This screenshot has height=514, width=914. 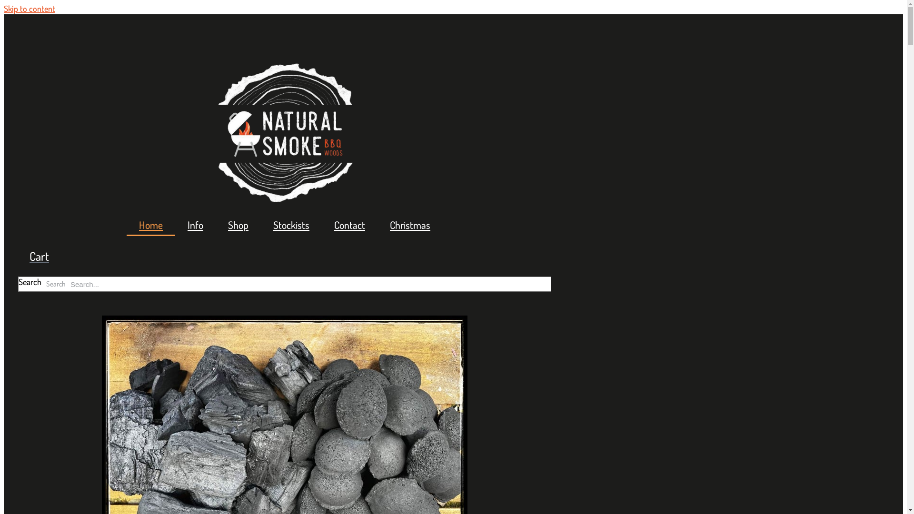 What do you see at coordinates (290, 225) in the screenshot?
I see `'Stockists'` at bounding box center [290, 225].